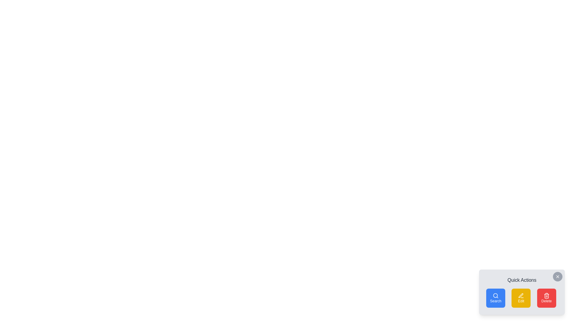 The width and height of the screenshot is (572, 322). I want to click on the search icon located within the circular blue button labeled 'Search' at the top-left corner of the 'Quick Actions' panel, so click(496, 295).